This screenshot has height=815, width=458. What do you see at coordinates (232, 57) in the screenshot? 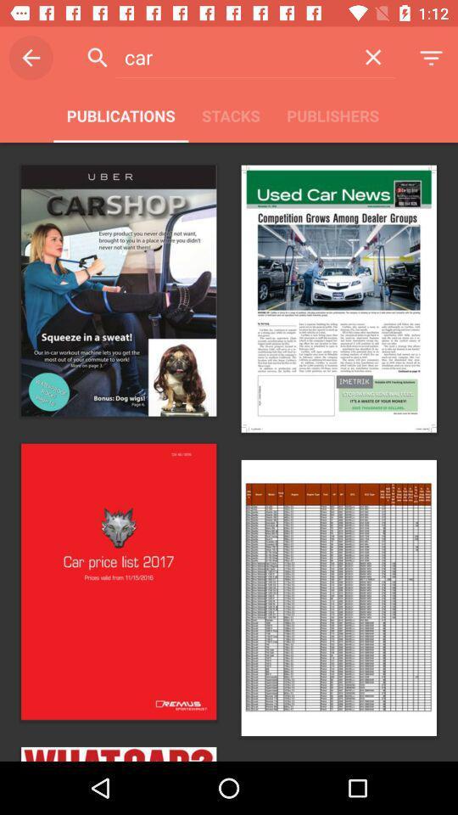
I see `the title of the page` at bounding box center [232, 57].